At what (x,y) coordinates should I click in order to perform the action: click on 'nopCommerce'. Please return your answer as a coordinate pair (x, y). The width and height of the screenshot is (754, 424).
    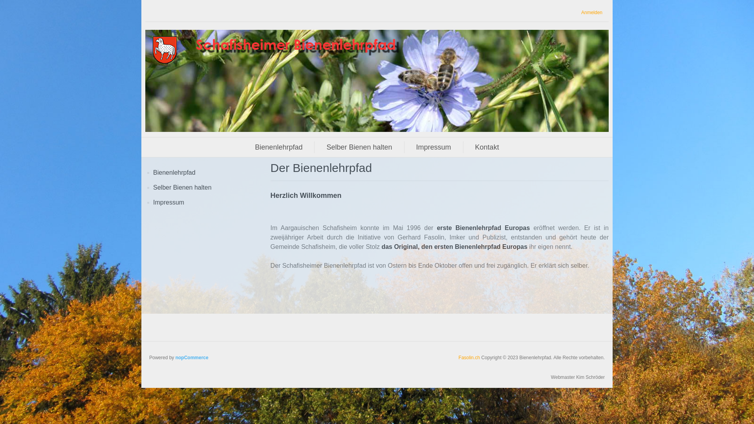
    Looking at the image, I should click on (192, 357).